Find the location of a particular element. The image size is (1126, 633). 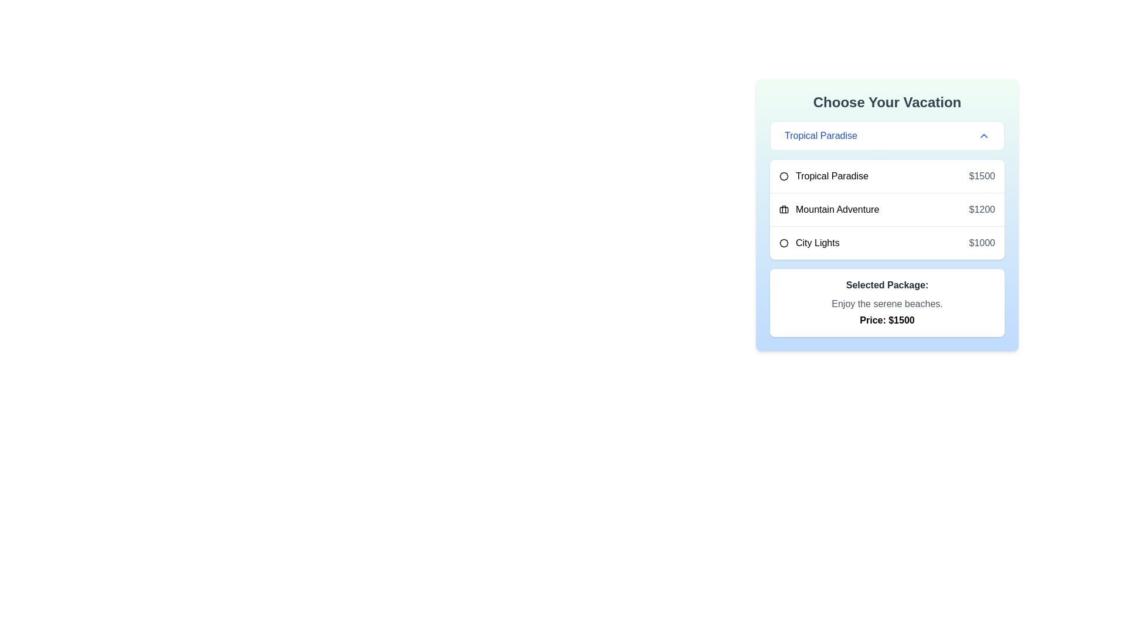

the icon indicating the item 'Tropical Paradise', which is located immediately to the left of the text in the list is located at coordinates (784, 176).